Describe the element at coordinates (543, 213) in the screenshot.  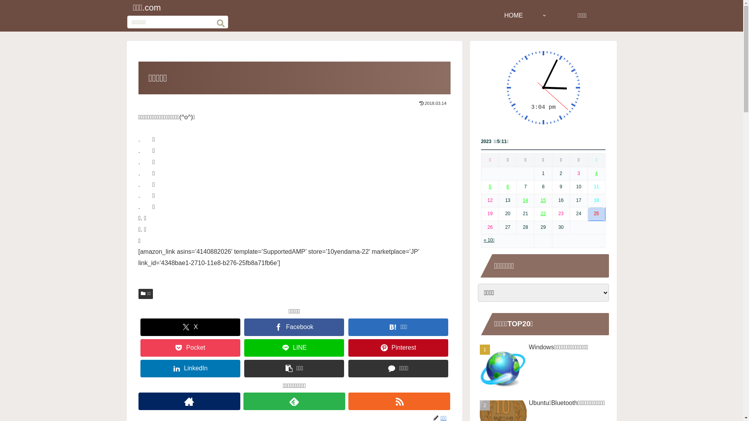
I see `'22'` at that location.